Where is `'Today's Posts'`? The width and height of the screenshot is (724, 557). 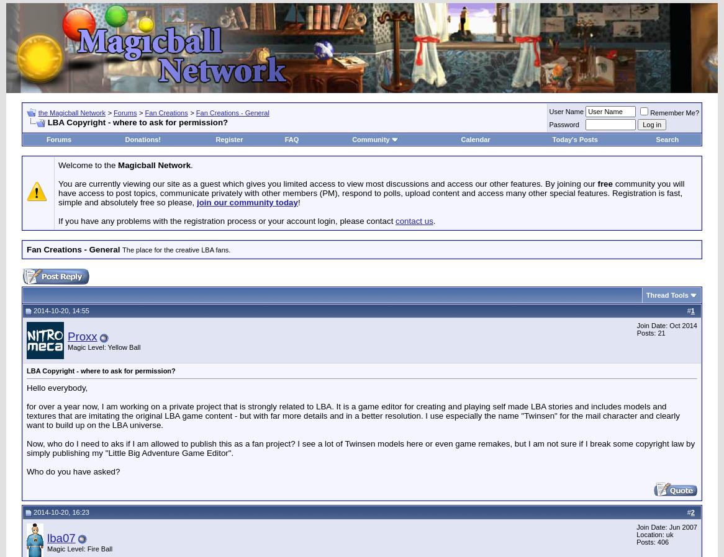
'Today's Posts' is located at coordinates (574, 139).